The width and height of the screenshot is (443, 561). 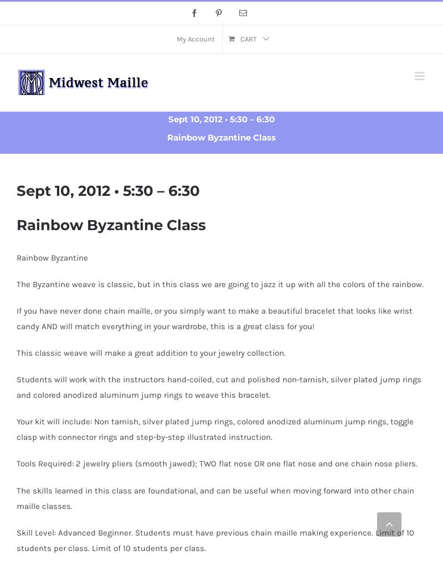 I want to click on 'Skill Level: Advanced Beginner. Students must have previous chain maille making experience. Limit of 10 students per class. Limit of 10 students per class.', so click(x=17, y=539).